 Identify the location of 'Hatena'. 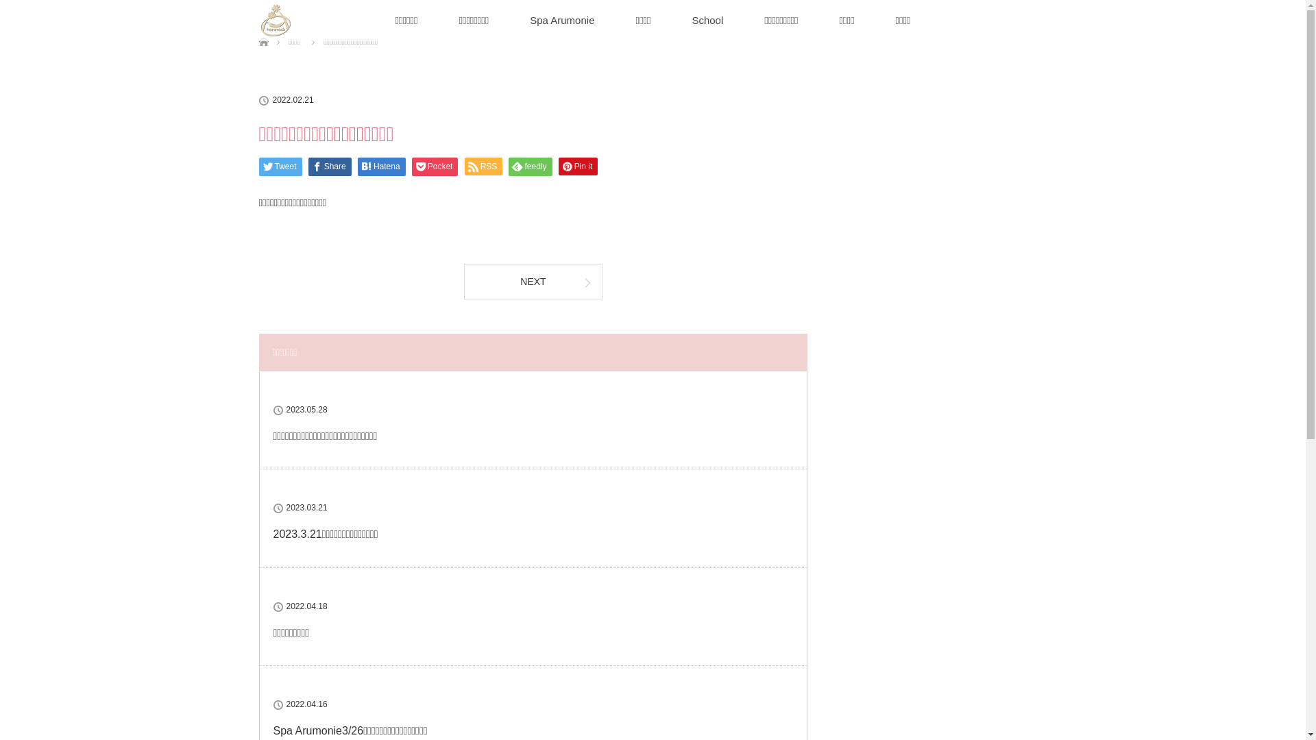
(358, 166).